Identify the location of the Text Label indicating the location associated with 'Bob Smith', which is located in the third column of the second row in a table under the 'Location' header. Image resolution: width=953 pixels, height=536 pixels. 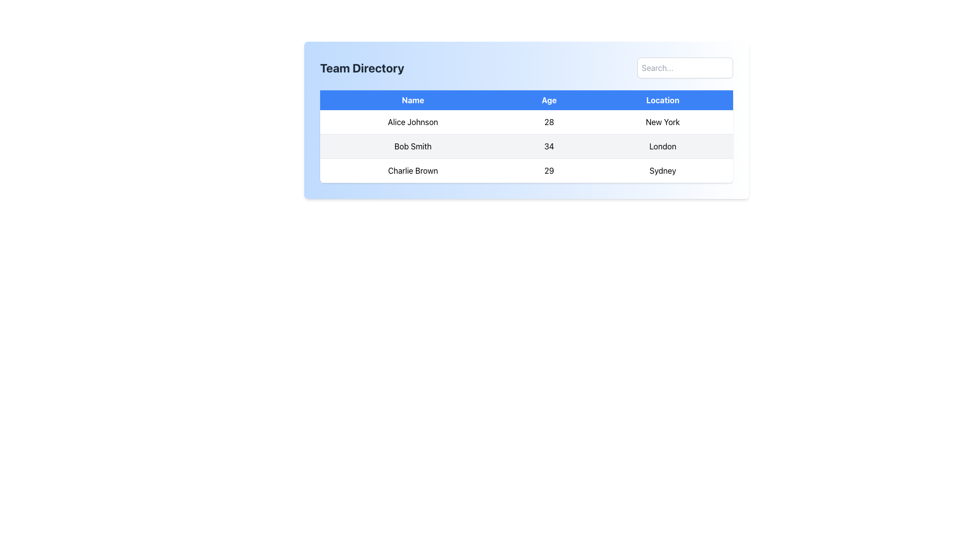
(663, 146).